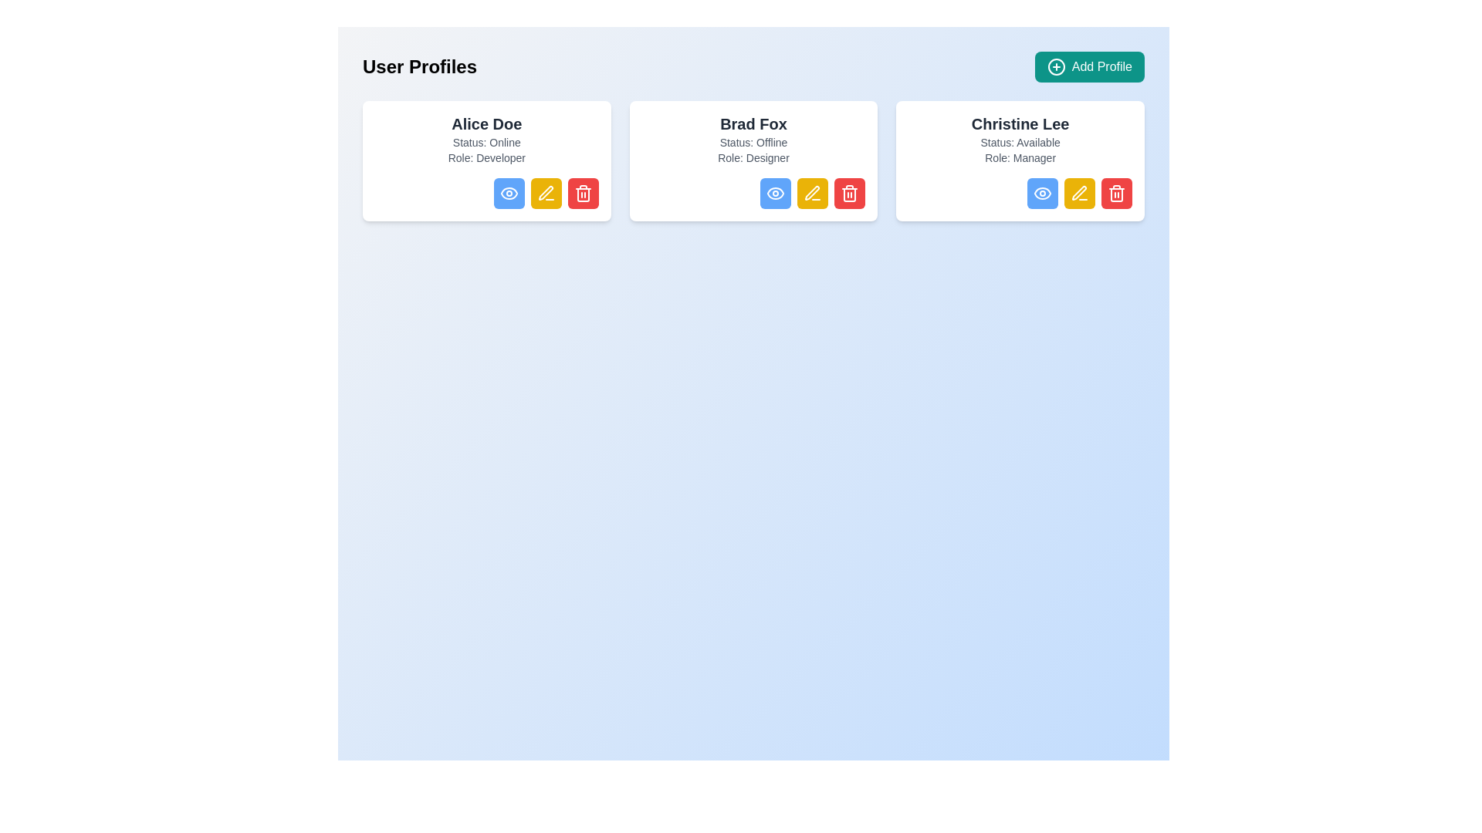 This screenshot has height=833, width=1482. I want to click on the 'Edit Profile' button located at the bottom of Christine Lee's user profile card, so click(1078, 192).